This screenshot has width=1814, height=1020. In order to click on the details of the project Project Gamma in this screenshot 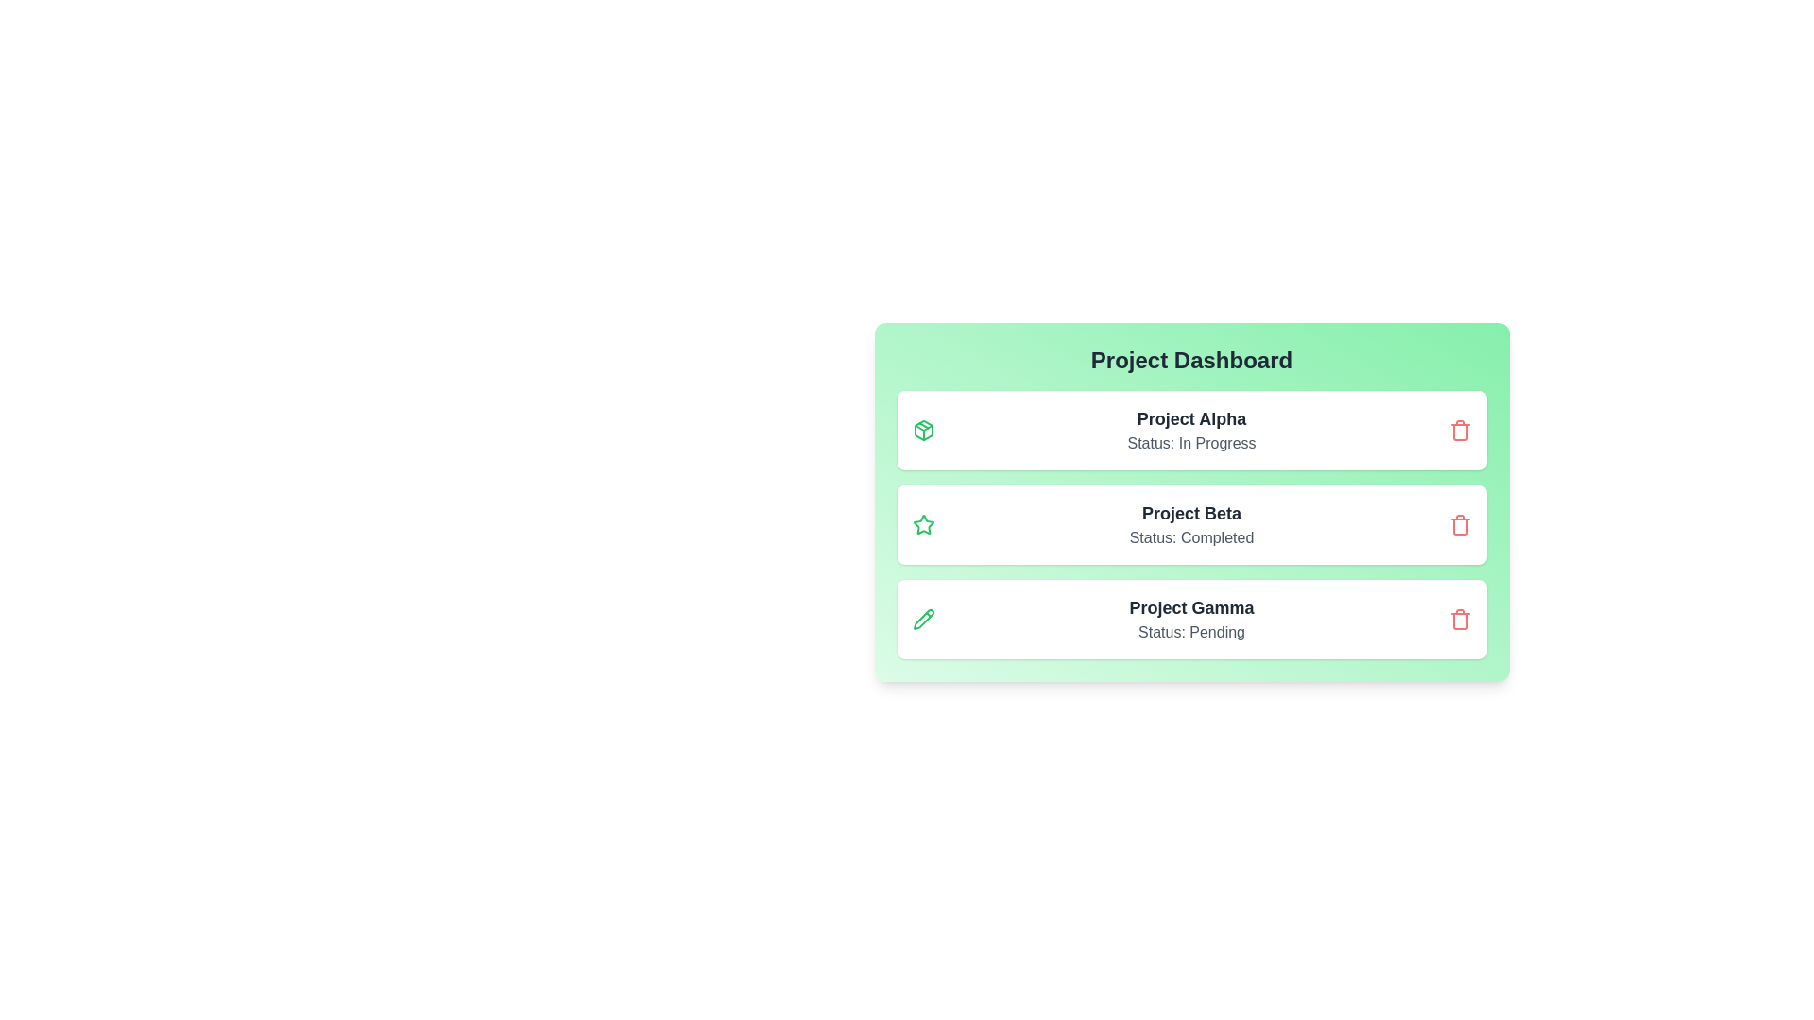, I will do `click(1190, 619)`.